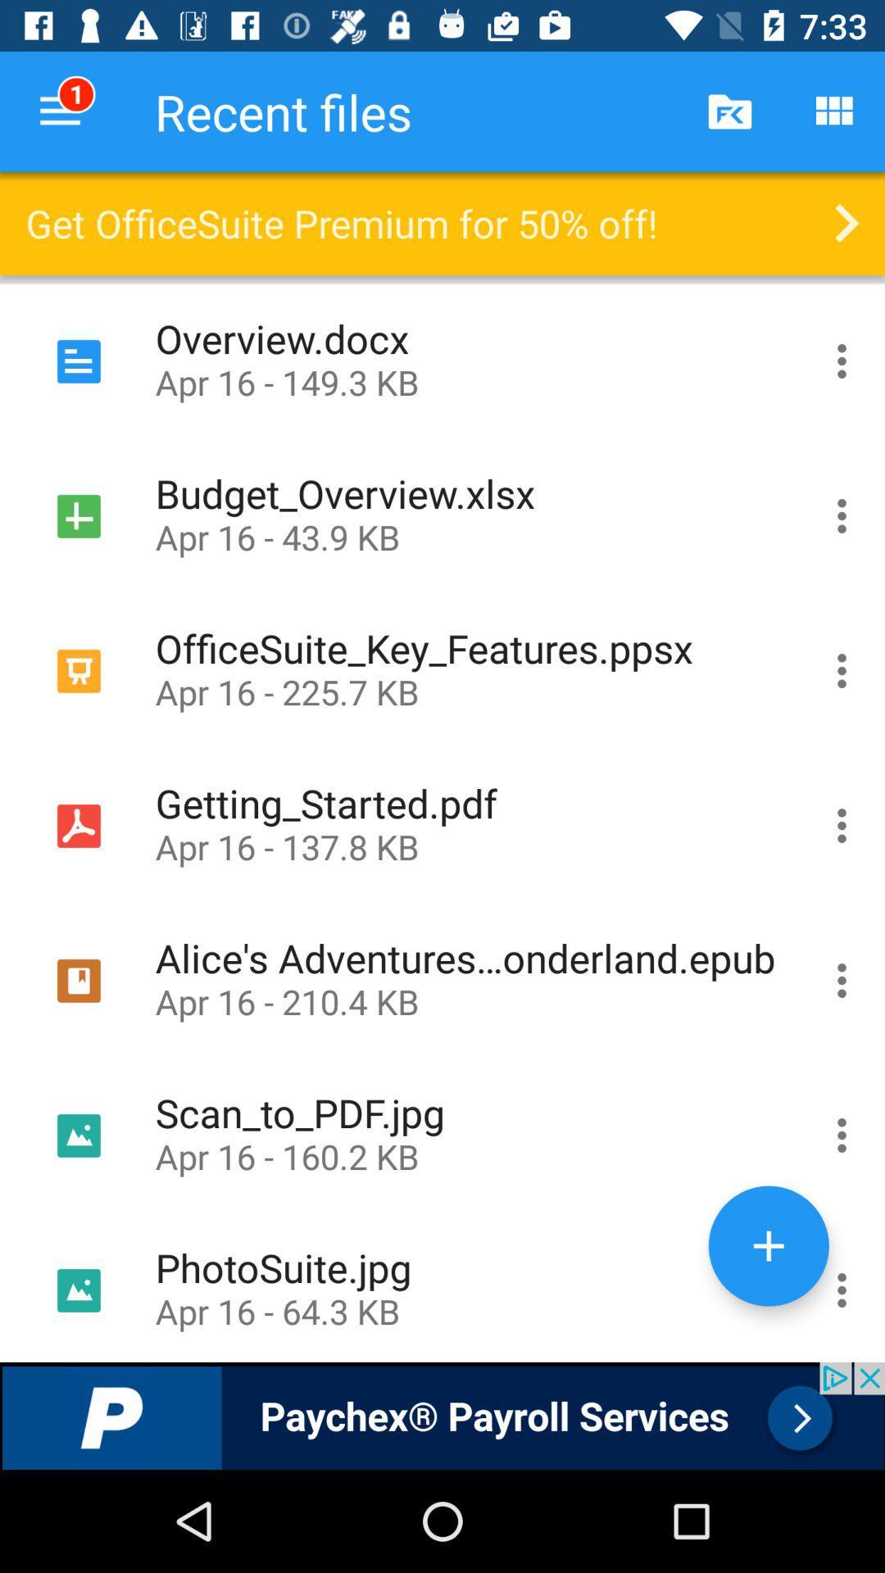  I want to click on open options, so click(842, 1286).